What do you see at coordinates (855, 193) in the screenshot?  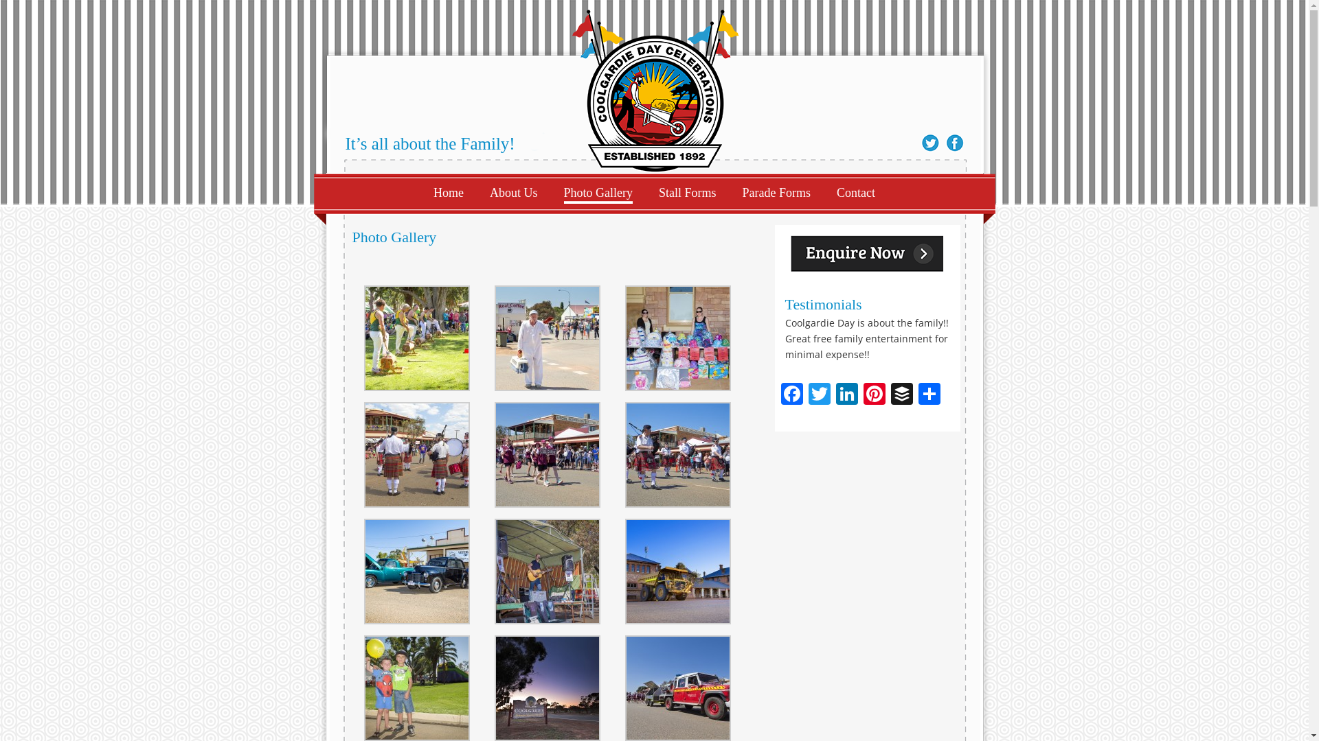 I see `'Contact'` at bounding box center [855, 193].